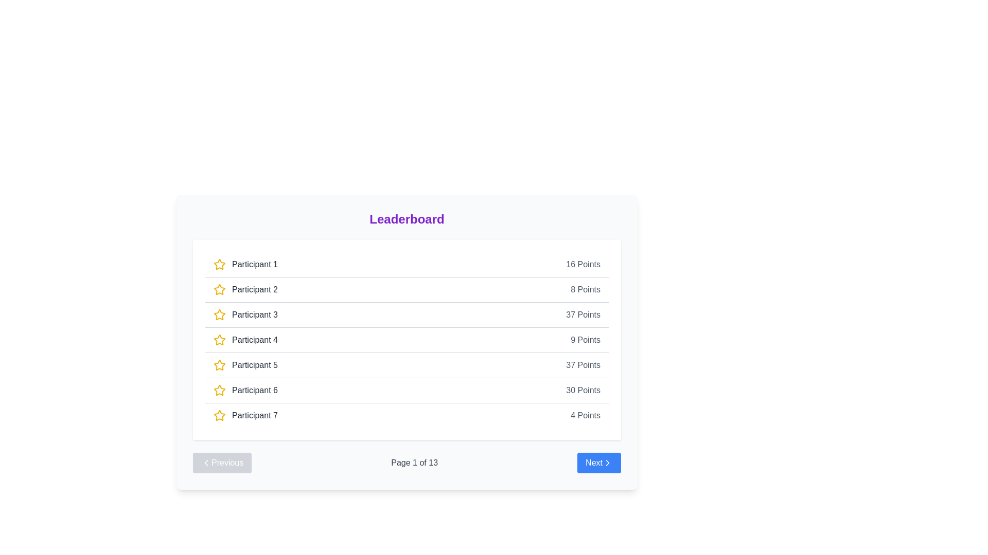  Describe the element at coordinates (219, 340) in the screenshot. I see `the star icon that indicates highlight or favorite status for the participant in the fourth row of the leaderboard, located to the left of 'Participant 4'` at that location.